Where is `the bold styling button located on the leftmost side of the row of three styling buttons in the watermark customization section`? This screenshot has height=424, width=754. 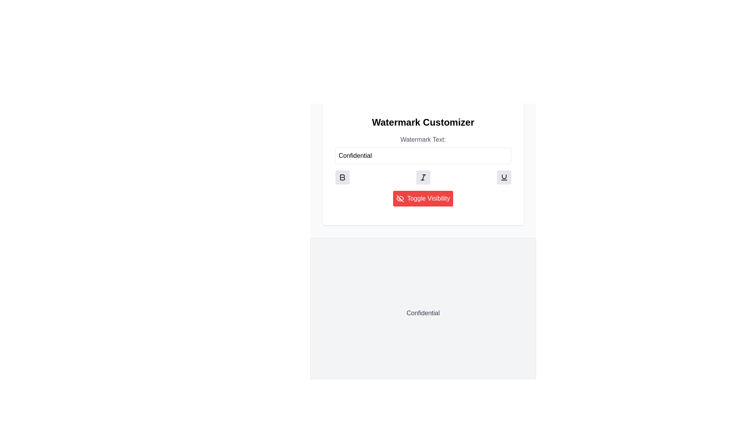 the bold styling button located on the leftmost side of the row of three styling buttons in the watermark customization section is located at coordinates (342, 177).